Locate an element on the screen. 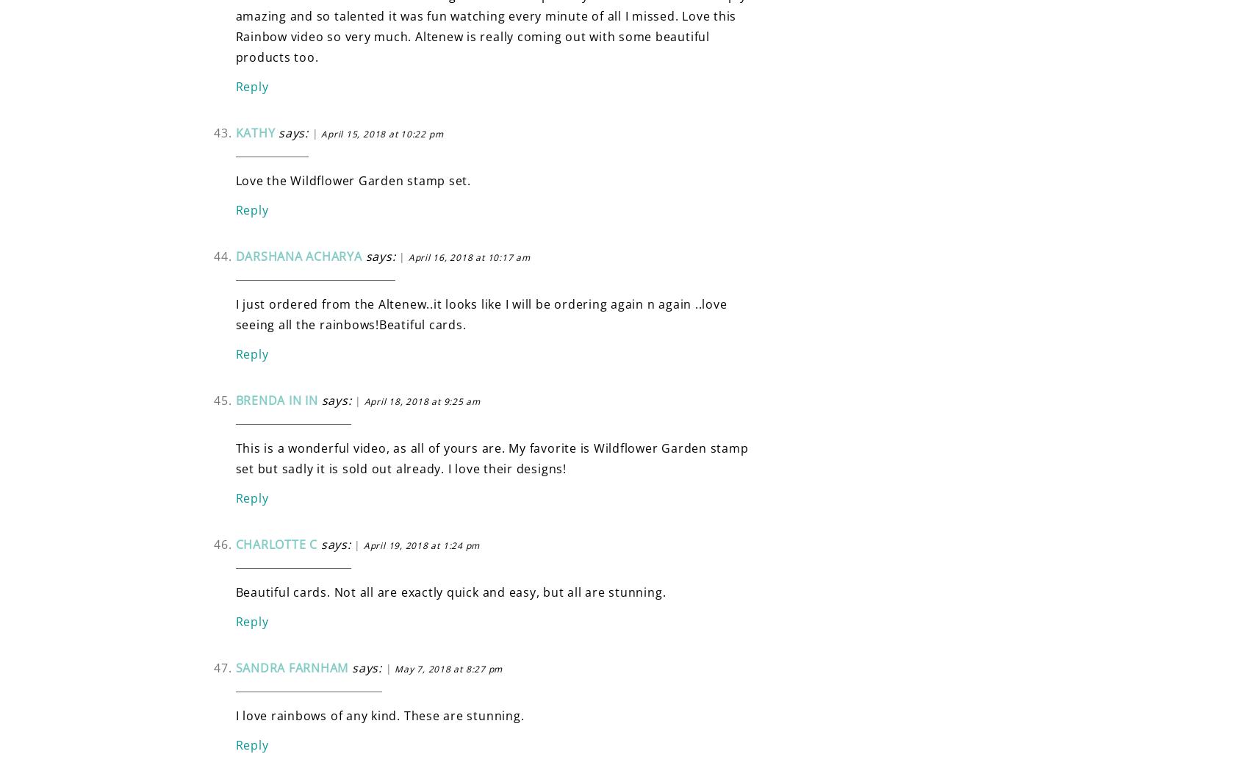 The image size is (1250, 779). 'April 16, 2018 at 10:17 am' is located at coordinates (468, 256).